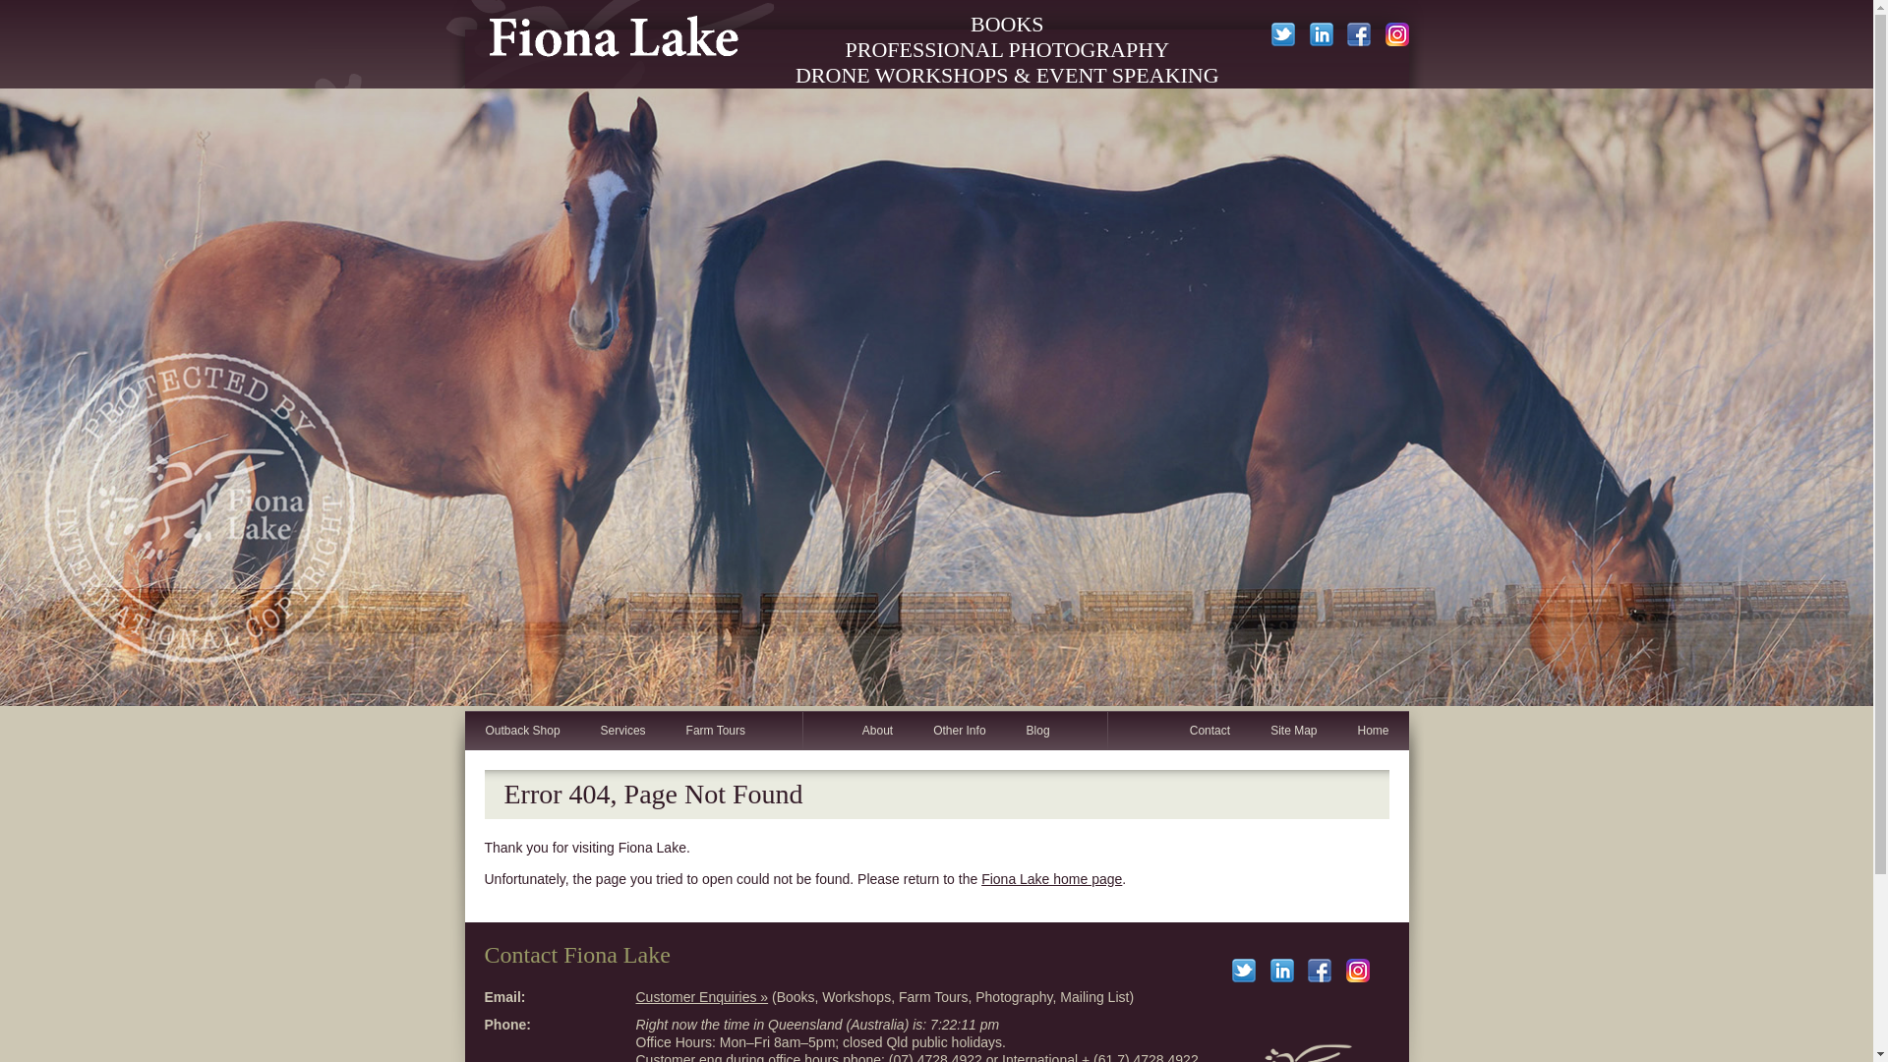 The height and width of the screenshot is (1062, 1888). I want to click on 'About', so click(876, 731).